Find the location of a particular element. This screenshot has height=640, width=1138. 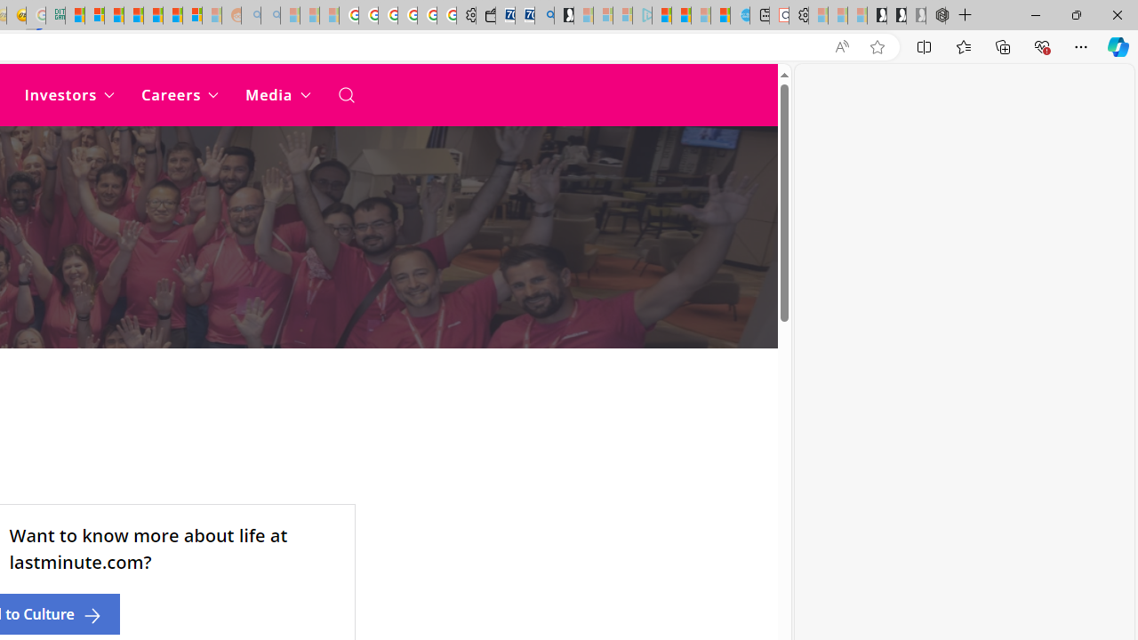

'Media' is located at coordinates (276, 94).